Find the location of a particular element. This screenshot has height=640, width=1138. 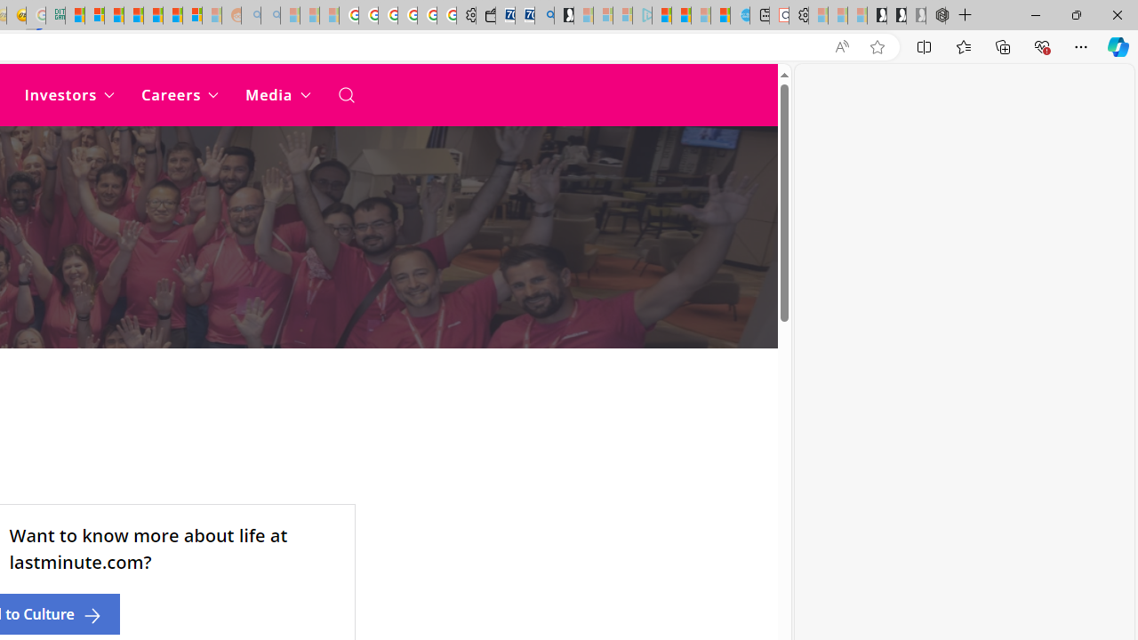

'Media' is located at coordinates (276, 94).